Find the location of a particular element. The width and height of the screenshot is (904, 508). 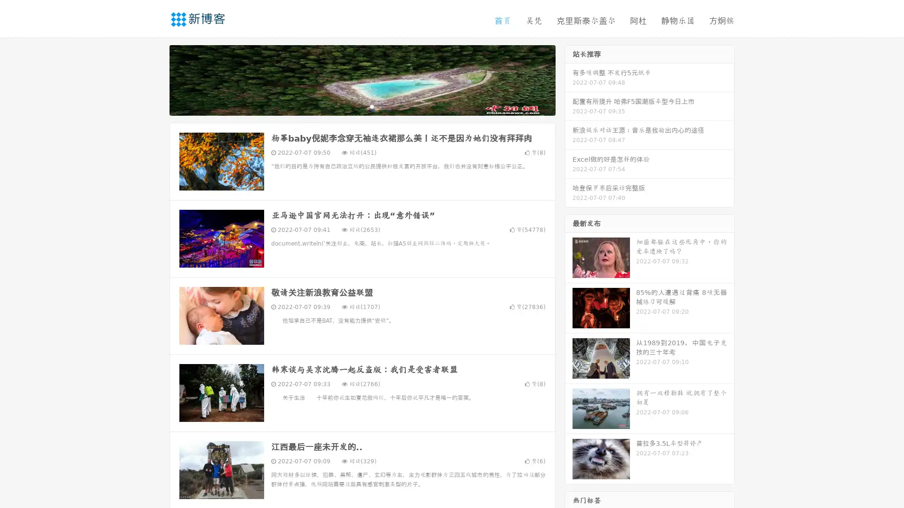

Go to slide 1 is located at coordinates (352, 106).